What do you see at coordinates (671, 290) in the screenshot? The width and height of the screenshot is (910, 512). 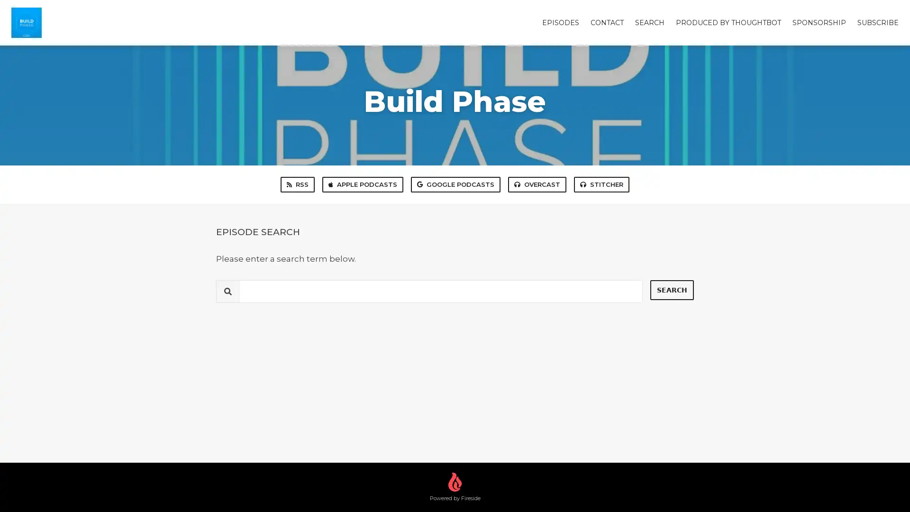 I see `Search` at bounding box center [671, 290].